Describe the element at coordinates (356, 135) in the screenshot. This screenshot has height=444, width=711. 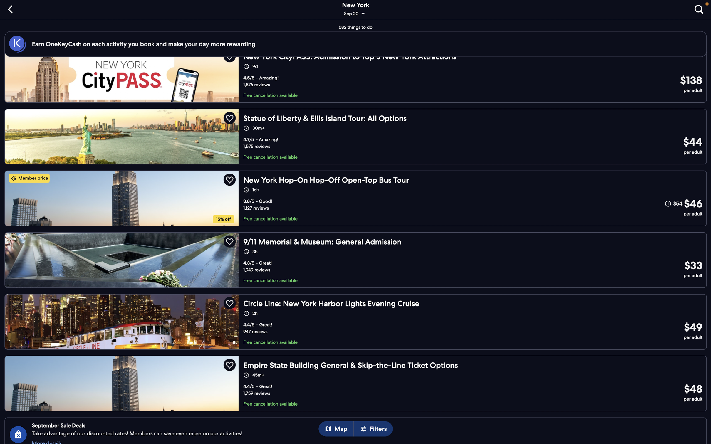
I see `Add "statue of liberty tour" to your travel plans` at that location.